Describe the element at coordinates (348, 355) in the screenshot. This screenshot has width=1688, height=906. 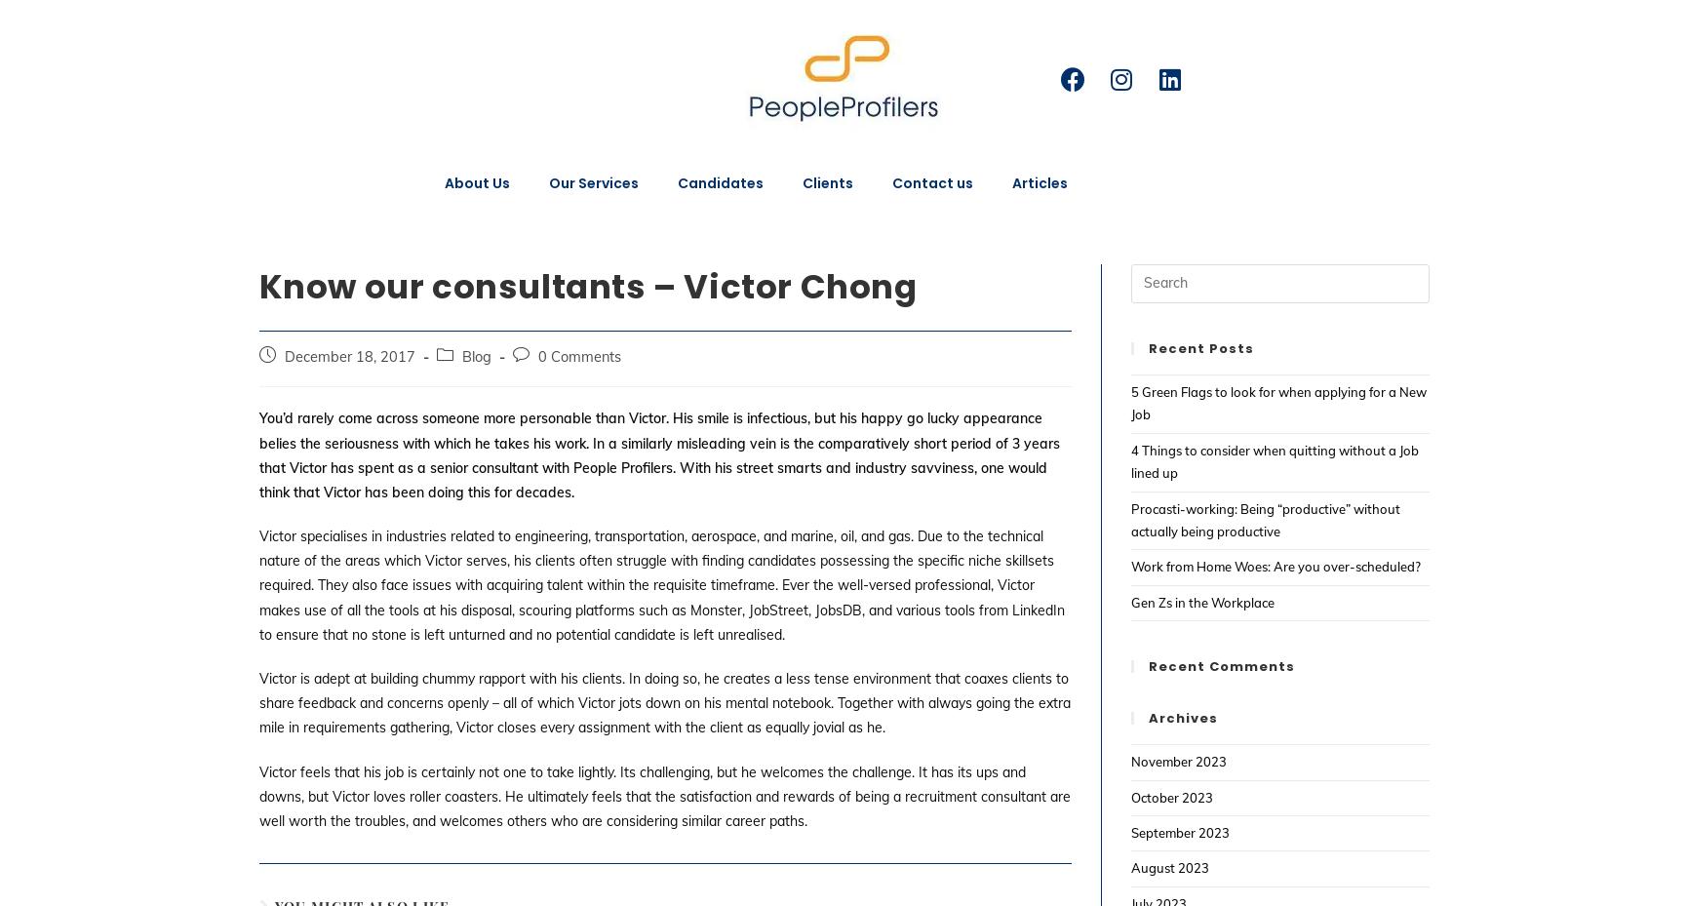
I see `'December 18, 2017'` at that location.